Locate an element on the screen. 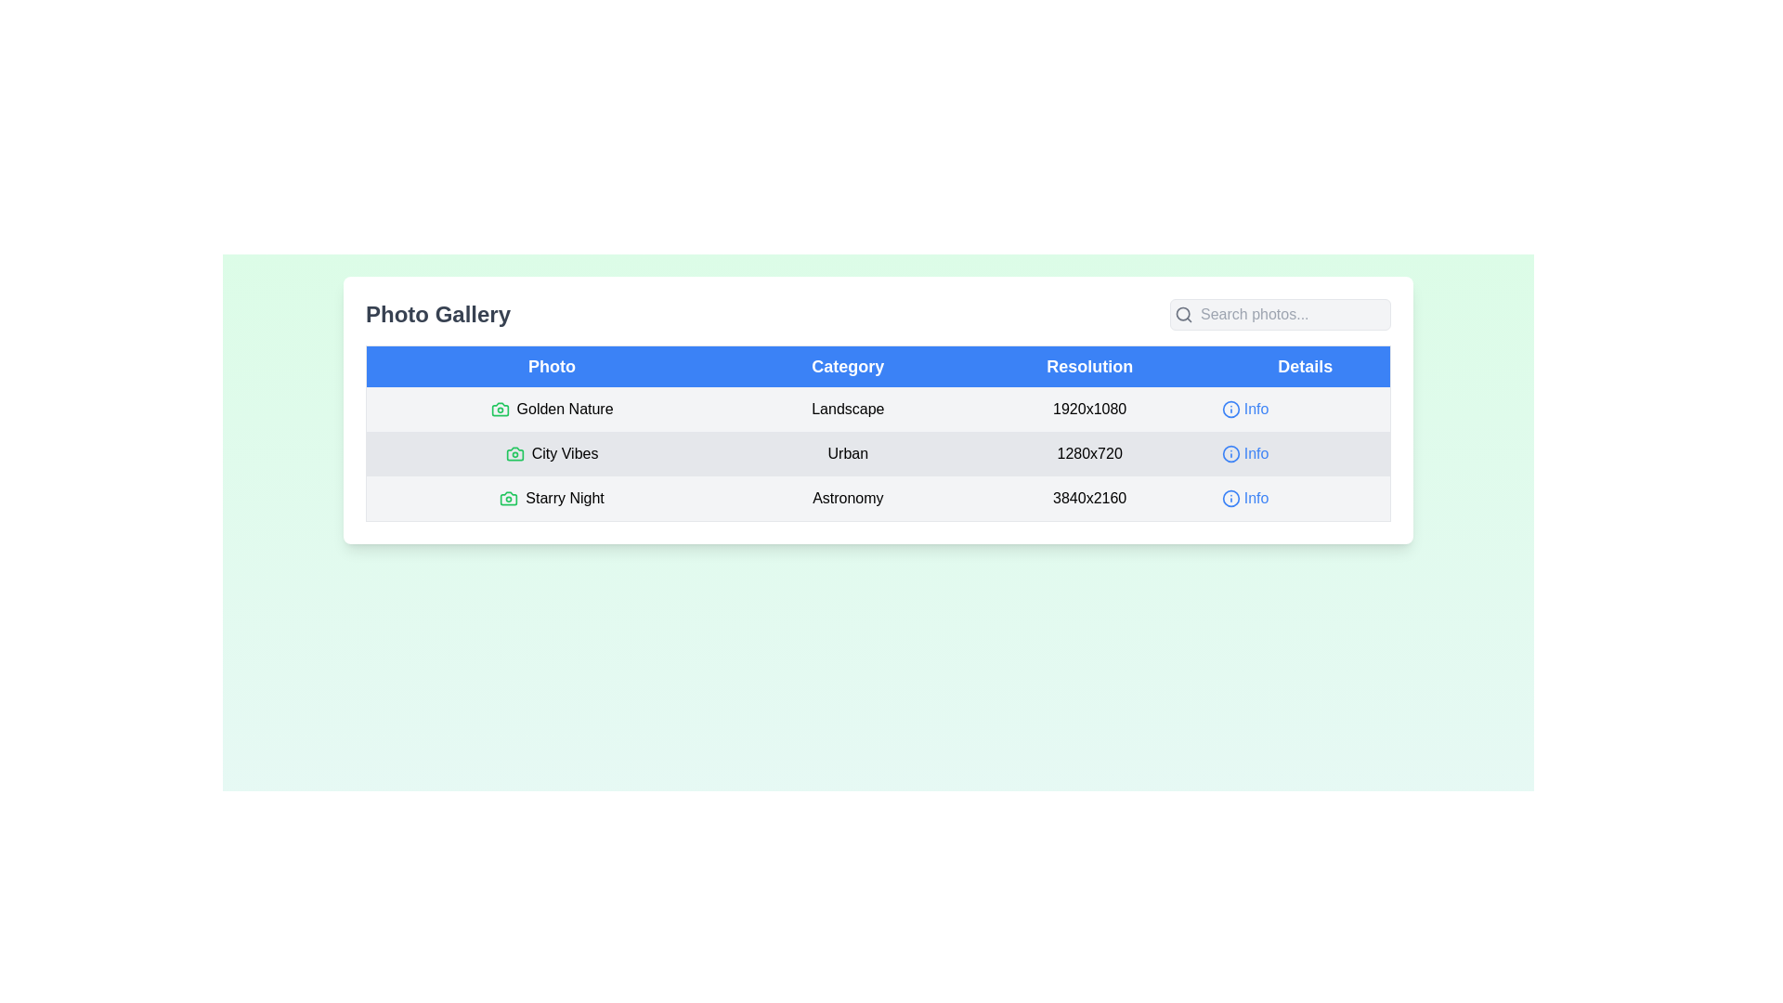 This screenshot has width=1783, height=1003. the circular SVG component that is part of the search icon located near the top-right corner of the application interface is located at coordinates (1182, 313).